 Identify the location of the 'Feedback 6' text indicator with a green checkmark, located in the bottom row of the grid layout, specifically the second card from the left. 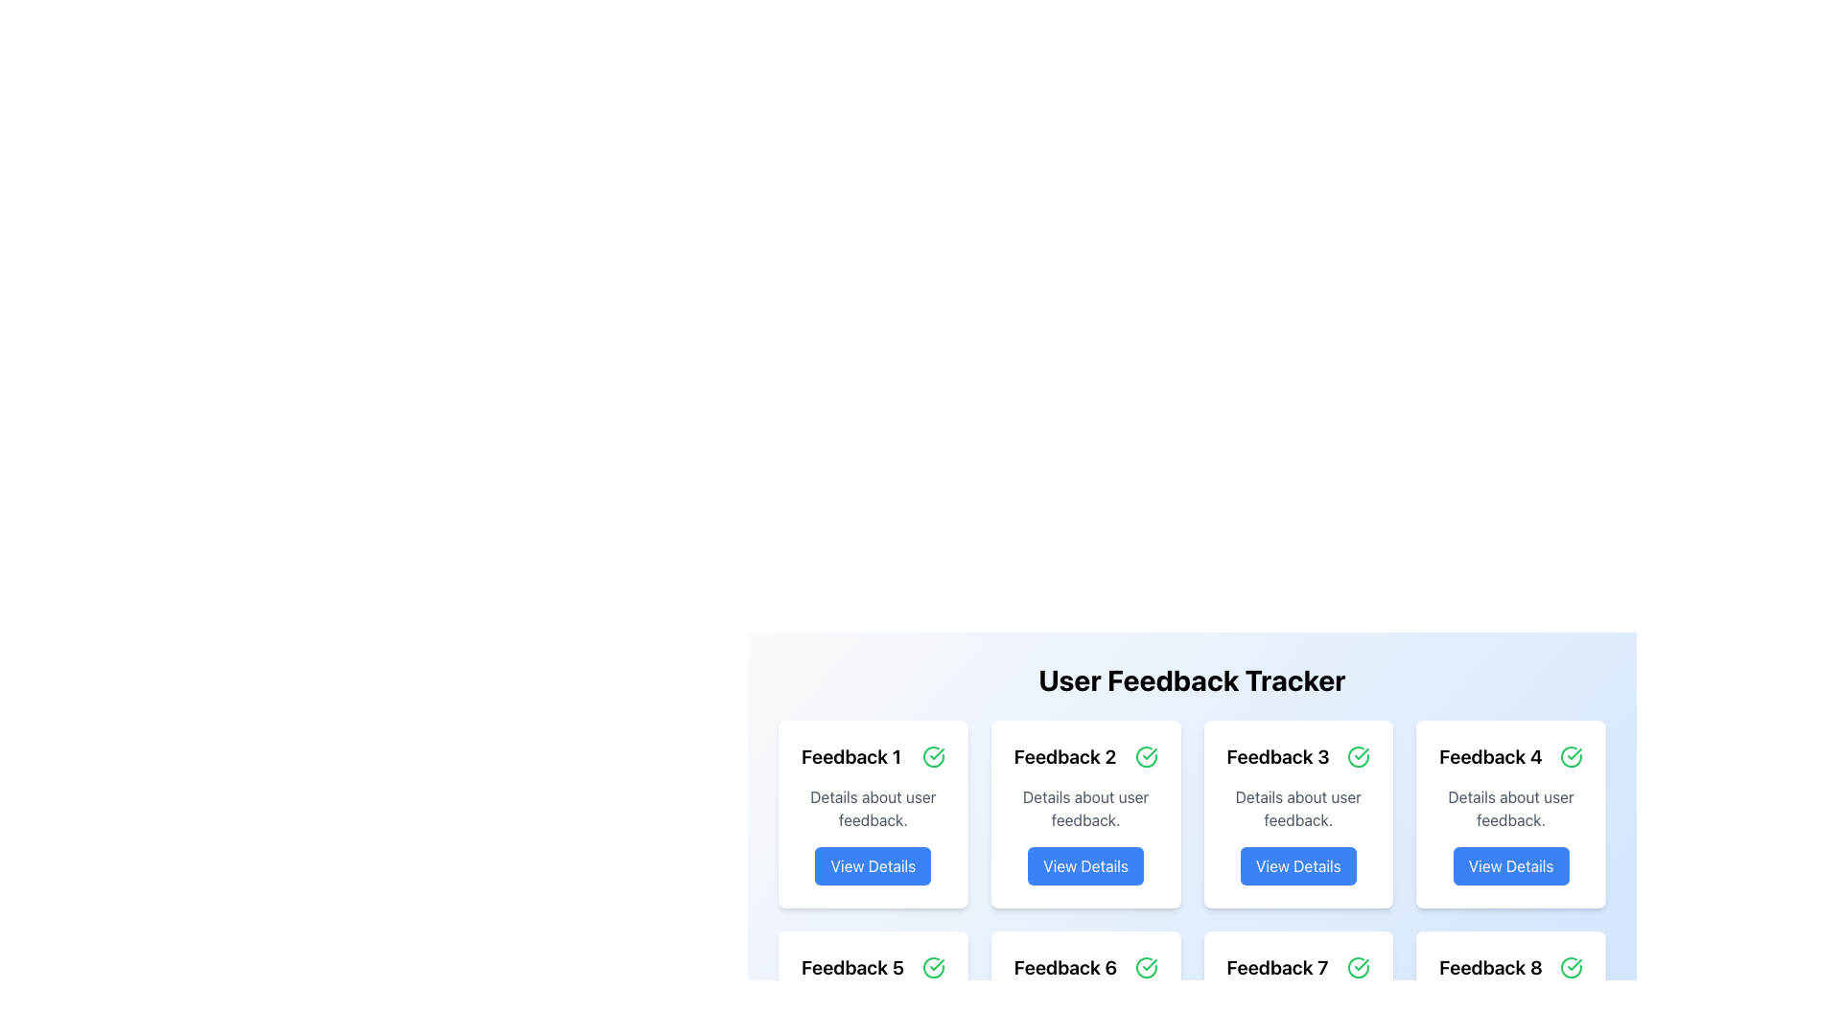
(1085, 968).